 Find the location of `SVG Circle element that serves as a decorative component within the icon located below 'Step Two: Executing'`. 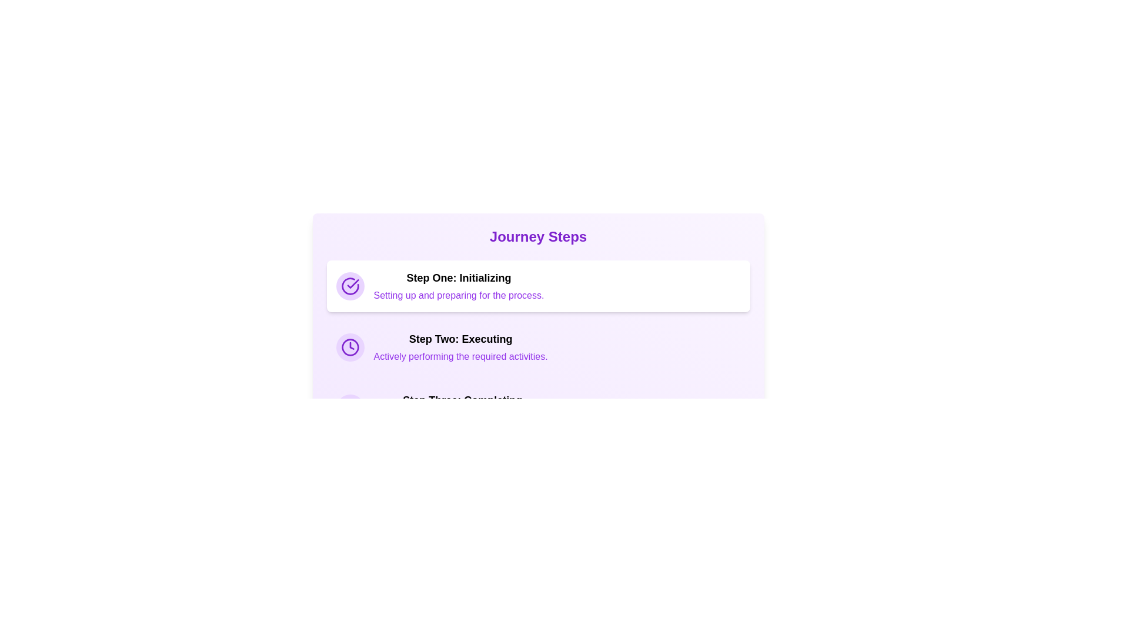

SVG Circle element that serves as a decorative component within the icon located below 'Step Two: Executing' is located at coordinates (349, 407).